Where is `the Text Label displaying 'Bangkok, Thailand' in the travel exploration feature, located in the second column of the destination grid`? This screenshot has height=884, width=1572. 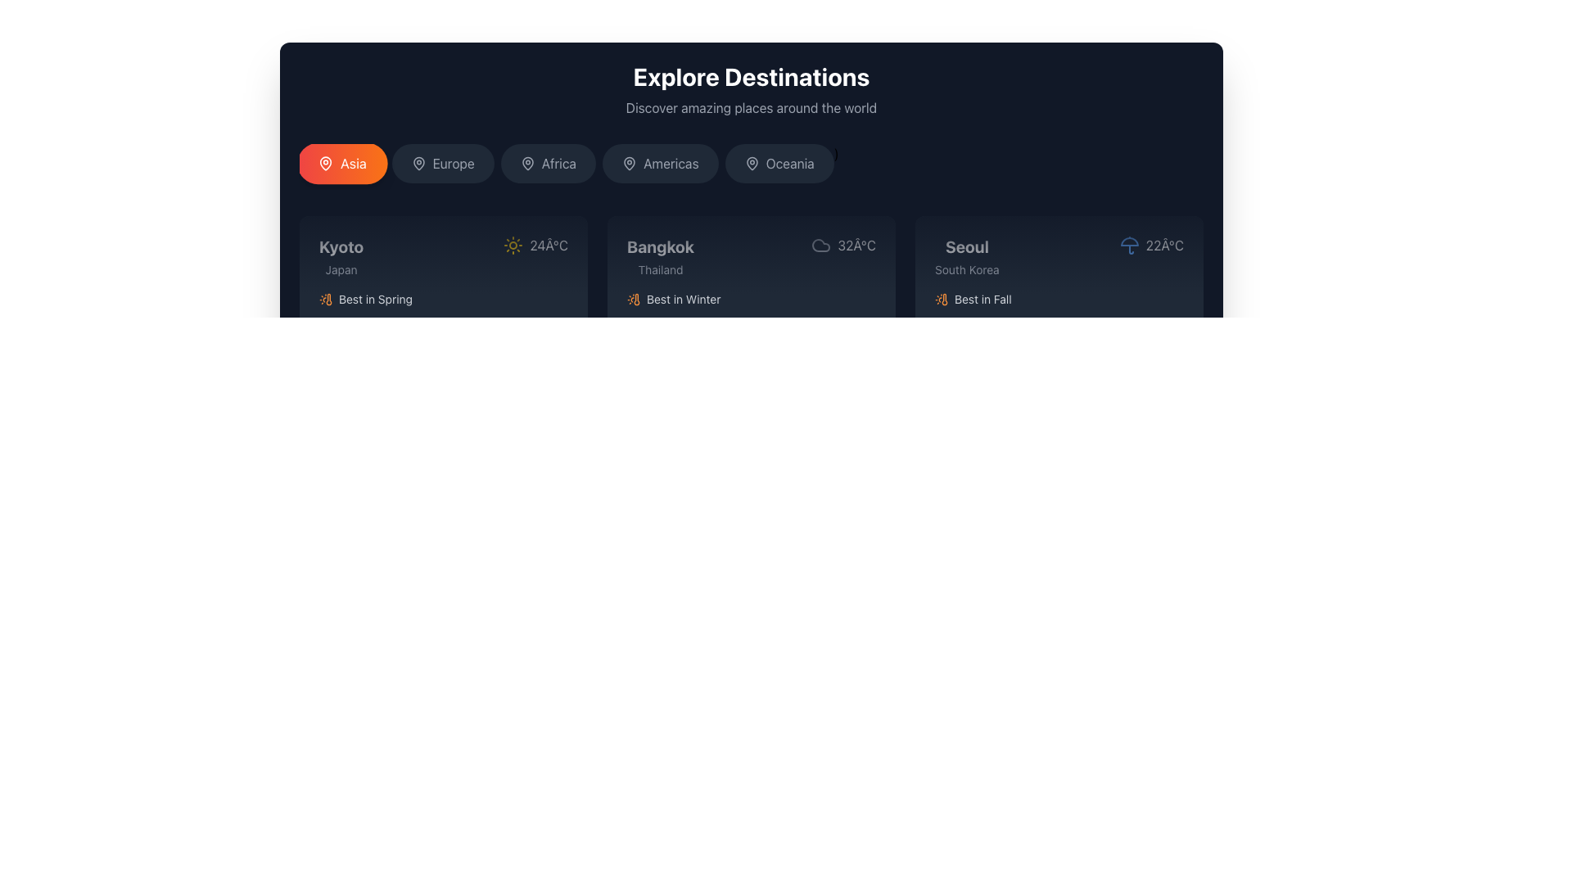 the Text Label displaying 'Bangkok, Thailand' in the travel exploration feature, located in the second column of the destination grid is located at coordinates (660, 256).